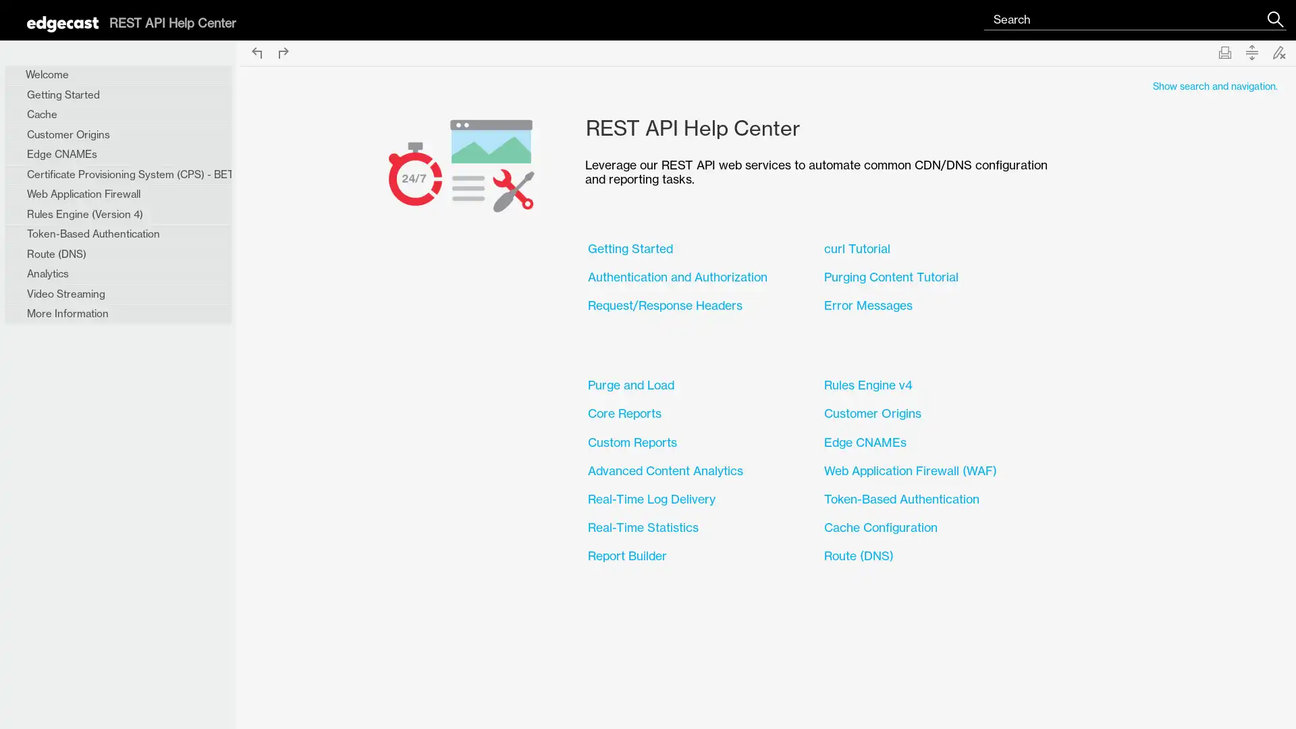 This screenshot has width=1296, height=729. I want to click on print, so click(1224, 51).